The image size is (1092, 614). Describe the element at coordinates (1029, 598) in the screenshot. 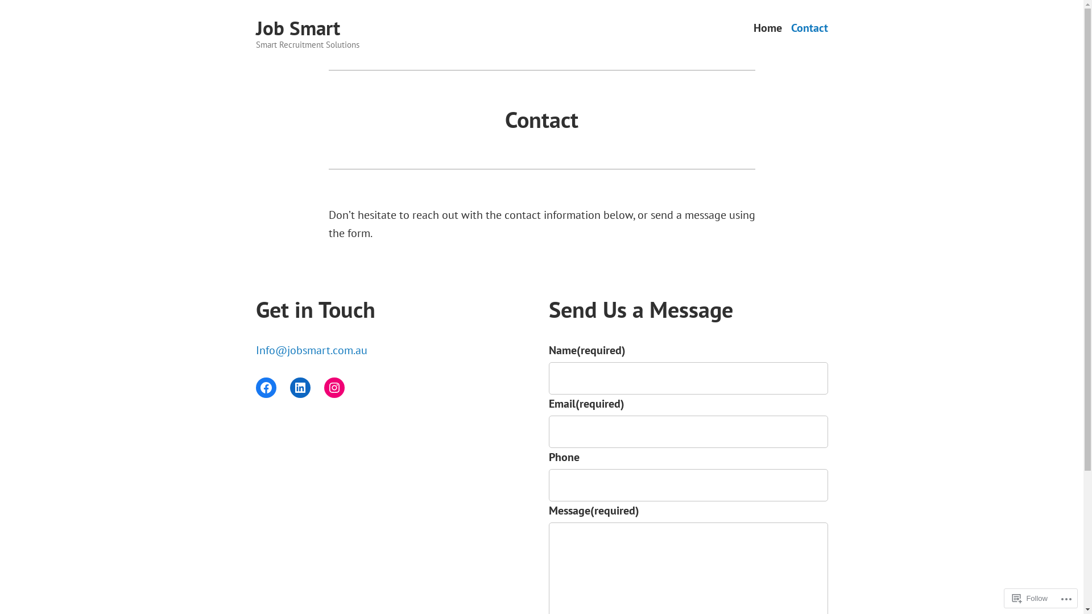

I see `'Follow'` at that location.